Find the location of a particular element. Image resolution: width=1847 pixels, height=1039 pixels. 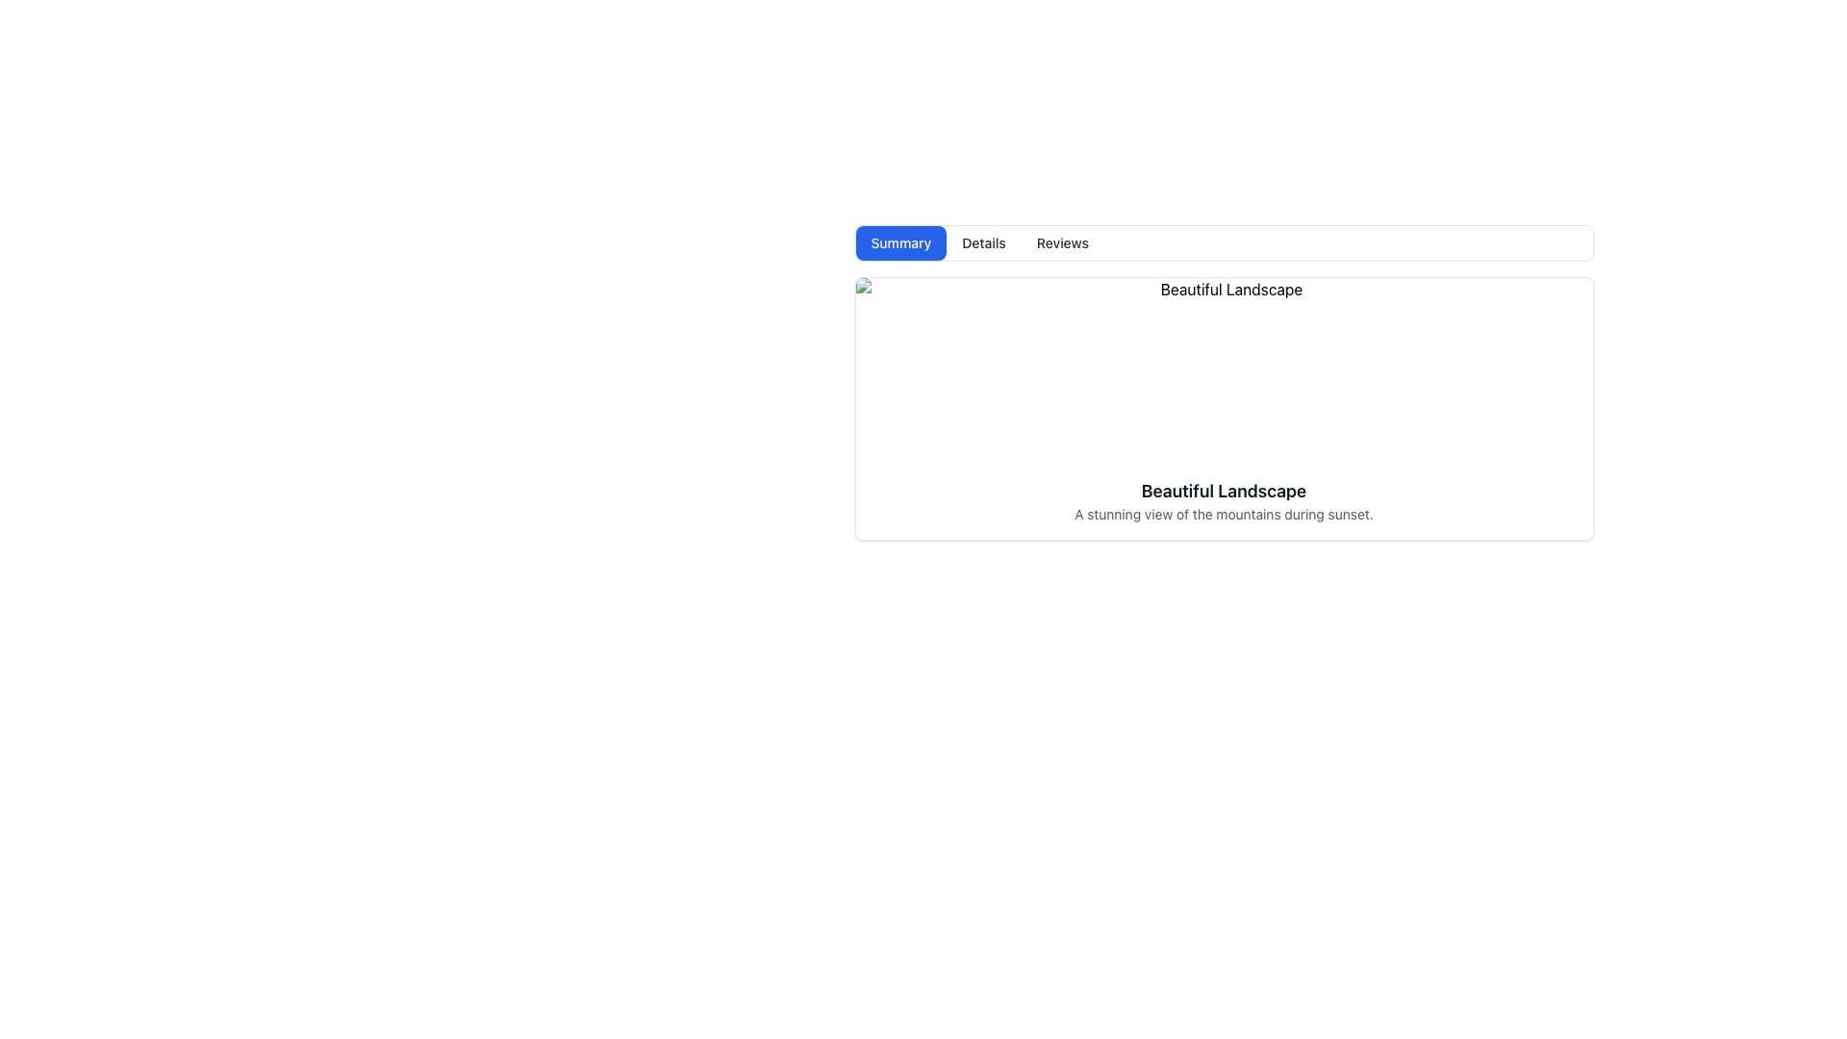

the text label that reads 'A stunning view of the mountains during sunset.' which is styled in a small gray font and located under the main title 'Beautiful Landscape' is located at coordinates (1223, 514).